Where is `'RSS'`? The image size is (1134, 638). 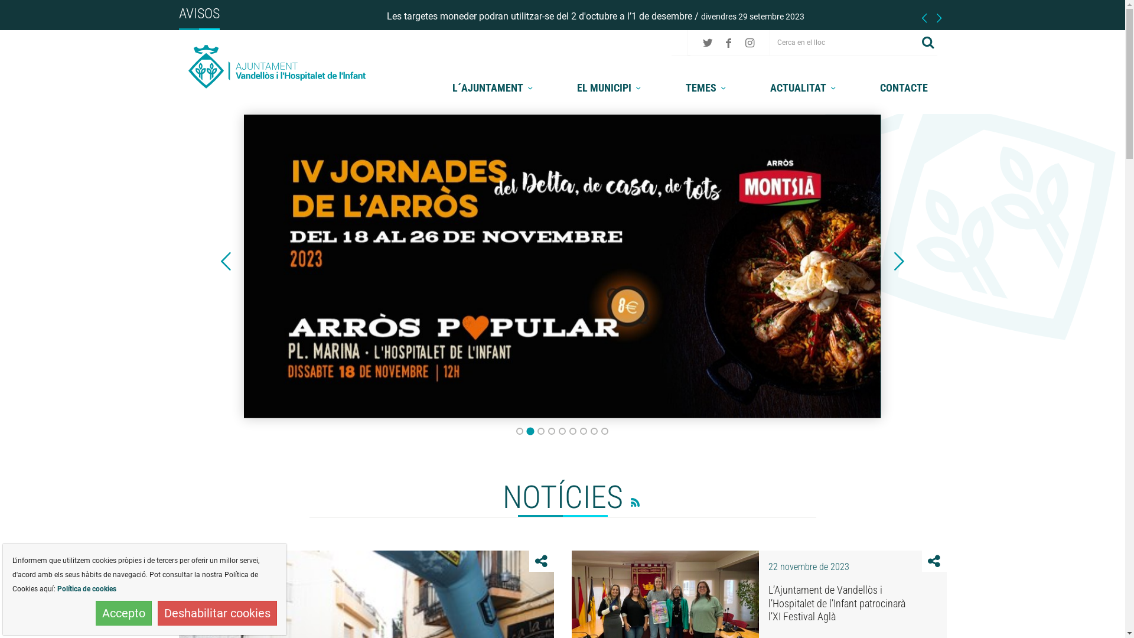
'RSS' is located at coordinates (622, 500).